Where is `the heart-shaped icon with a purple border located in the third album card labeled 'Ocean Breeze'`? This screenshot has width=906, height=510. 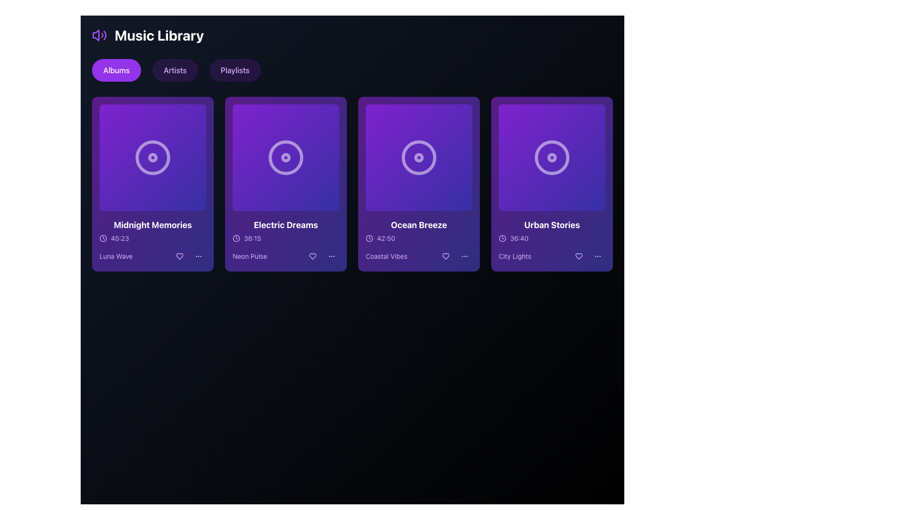 the heart-shaped icon with a purple border located in the third album card labeled 'Ocean Breeze' is located at coordinates (445, 256).